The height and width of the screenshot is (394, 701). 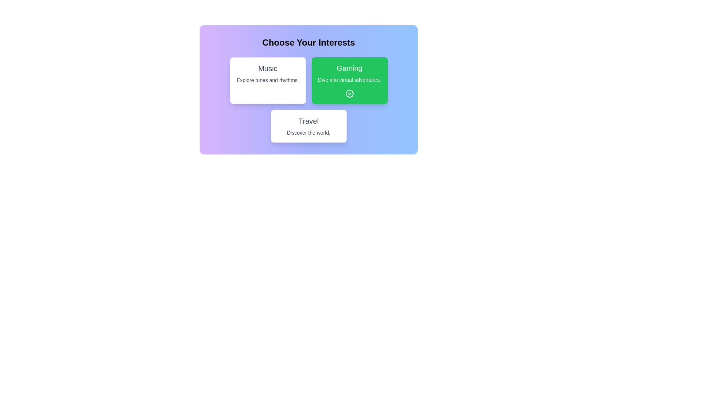 I want to click on the interest card labeled Music, so click(x=267, y=80).